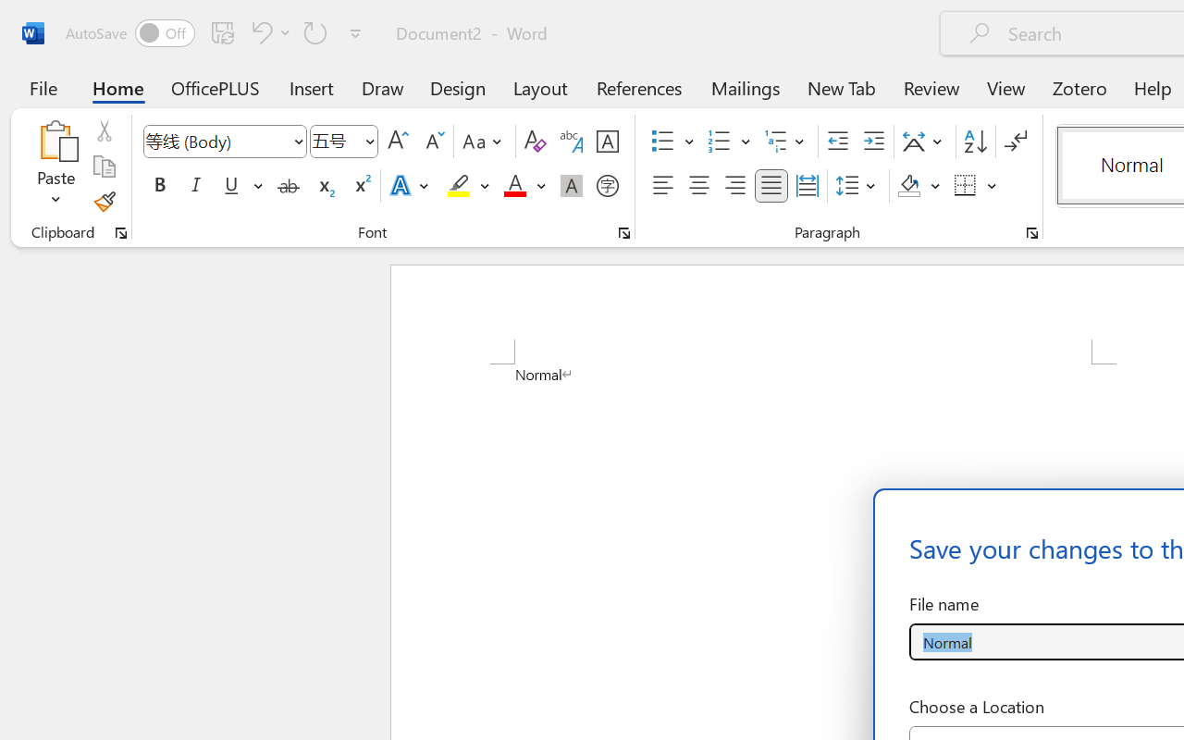 The width and height of the screenshot is (1184, 740). Describe the element at coordinates (534, 142) in the screenshot. I see `'Clear Formatting'` at that location.